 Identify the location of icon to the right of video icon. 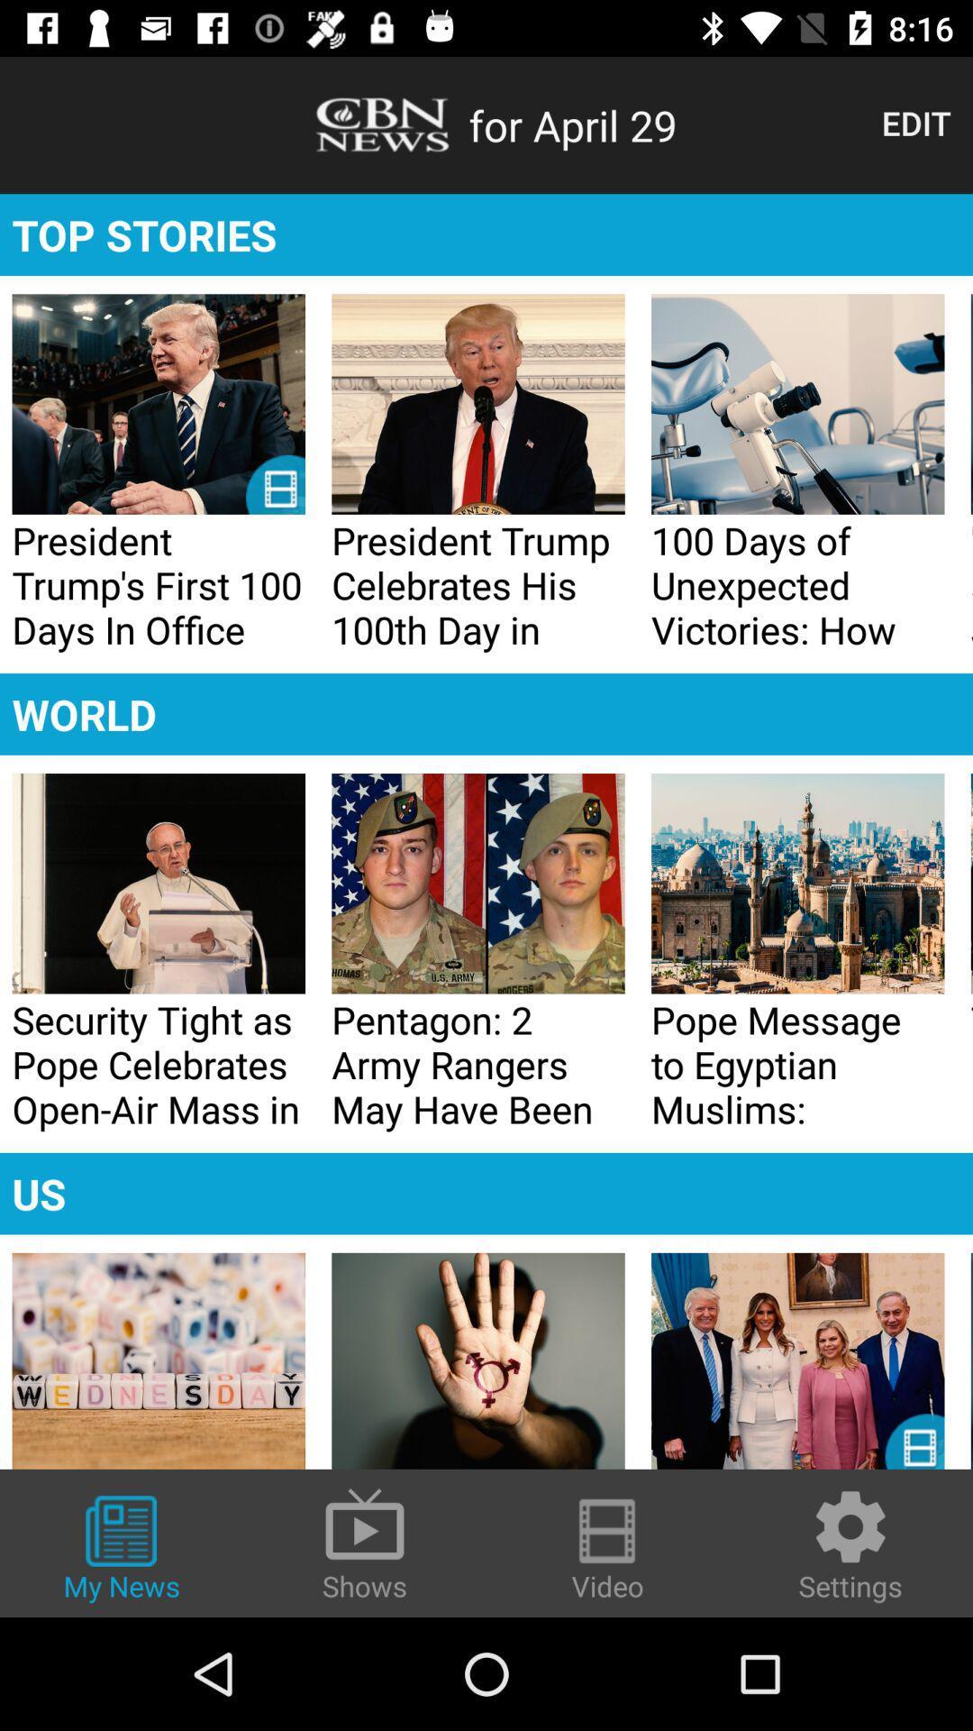
(850, 1543).